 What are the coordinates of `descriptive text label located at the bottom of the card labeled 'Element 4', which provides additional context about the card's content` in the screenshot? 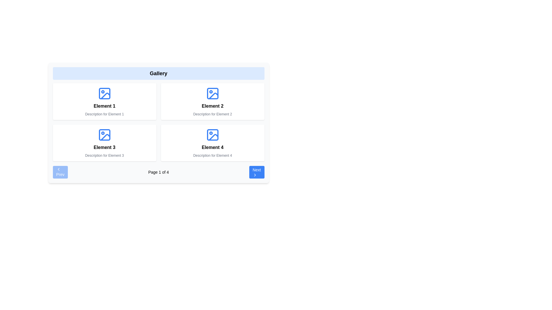 It's located at (212, 156).